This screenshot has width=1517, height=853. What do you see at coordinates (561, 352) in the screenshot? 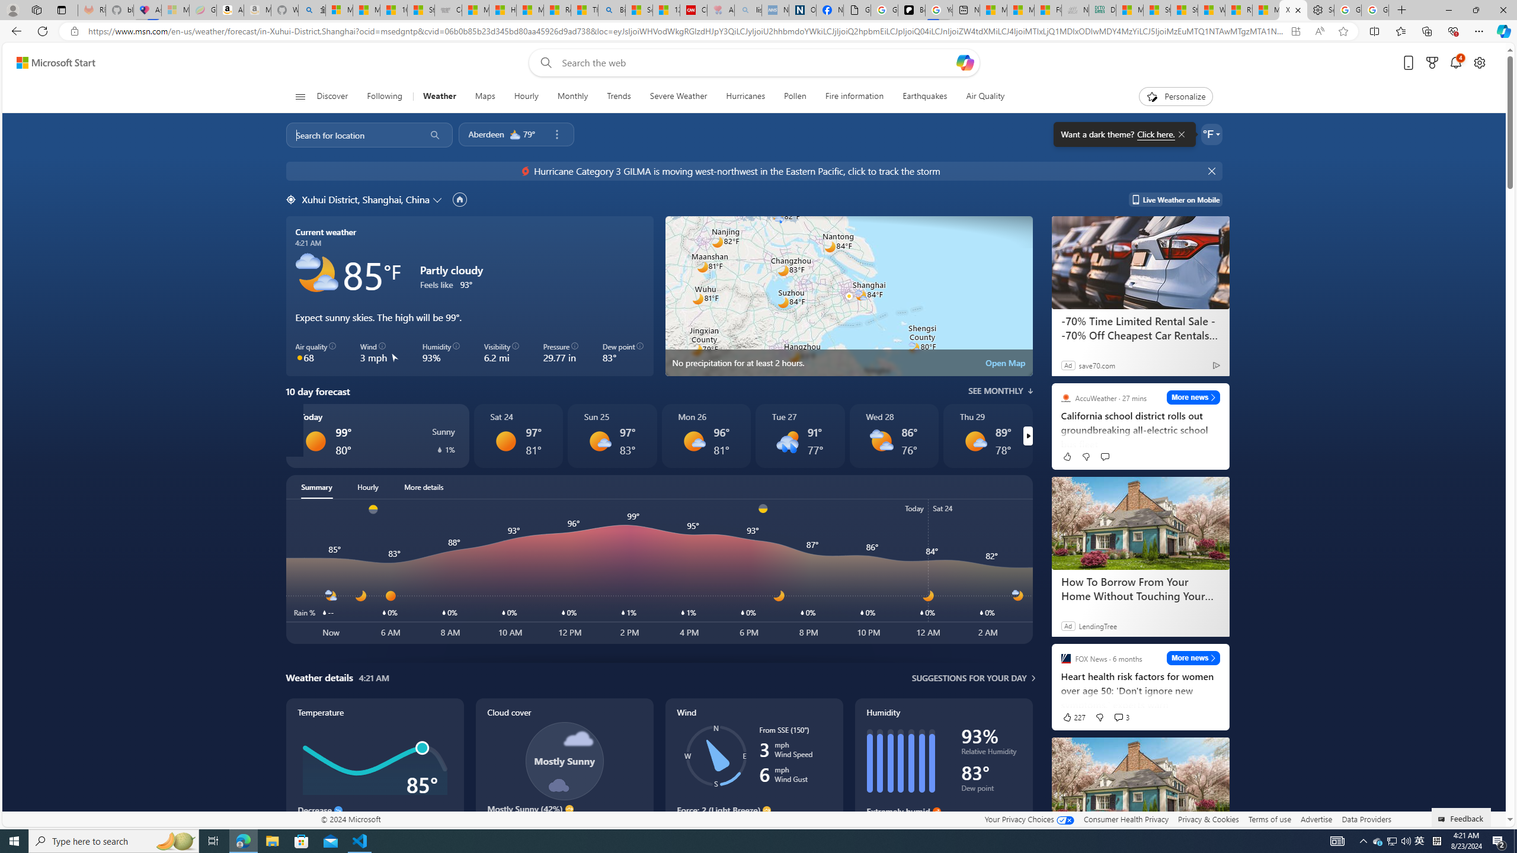
I see `'Pressure 29.77 in'` at bounding box center [561, 352].